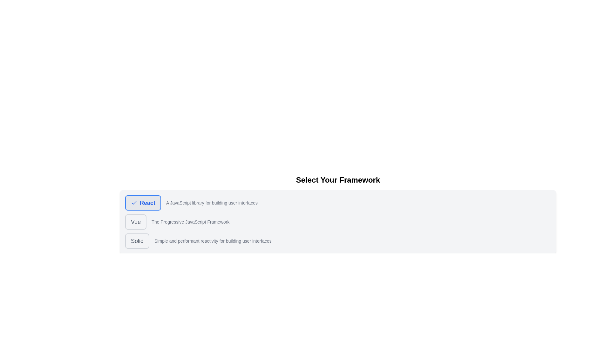 This screenshot has height=343, width=610. What do you see at coordinates (338, 221) in the screenshot?
I see `the selectable option labeled 'Vue' which is styled with a rectangular border and is positioned in the middle among three similar elements` at bounding box center [338, 221].